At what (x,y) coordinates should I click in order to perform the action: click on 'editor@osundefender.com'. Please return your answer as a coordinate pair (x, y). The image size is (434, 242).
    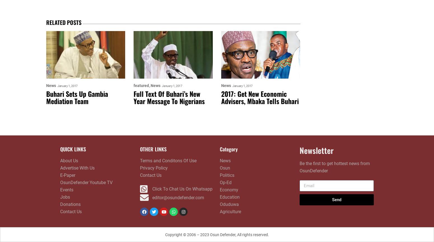
    Looking at the image, I should click on (178, 197).